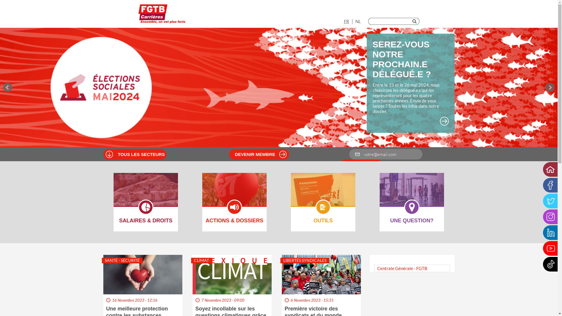  Describe the element at coordinates (355, 21) in the screenshot. I see `'NL'` at that location.